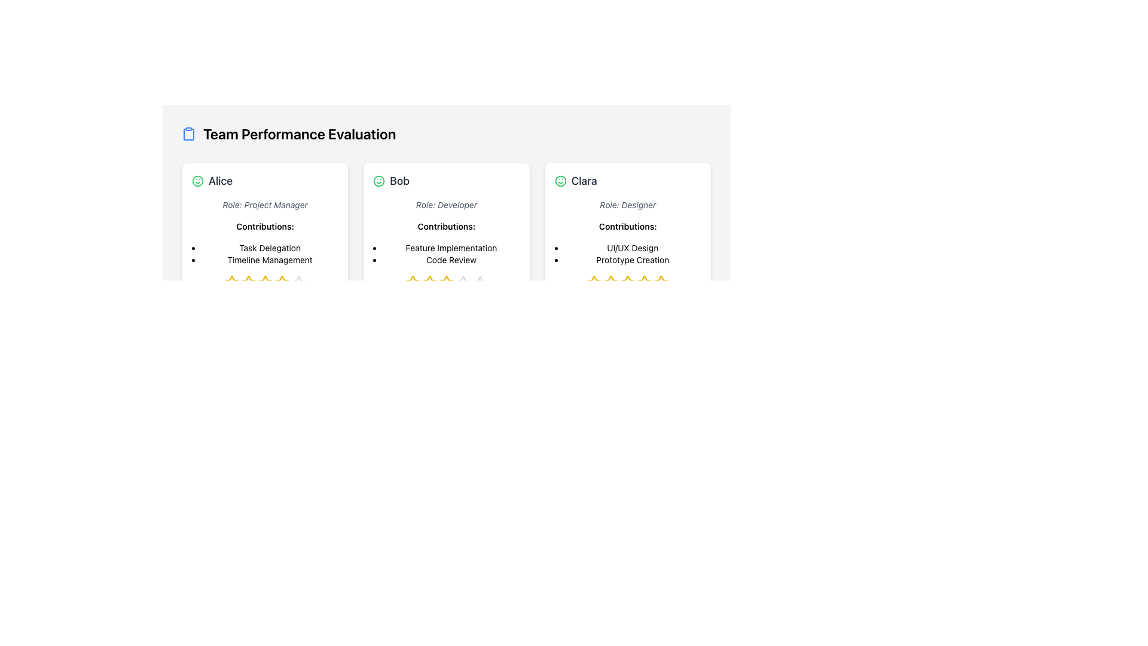 The image size is (1148, 646). Describe the element at coordinates (378, 181) in the screenshot. I see `the circular sentiment indicator icon located at the top left corner of the 'Alice' card in the 'Team Performance Evaluation' section, which indicates a positive sentiment with a green smile` at that location.